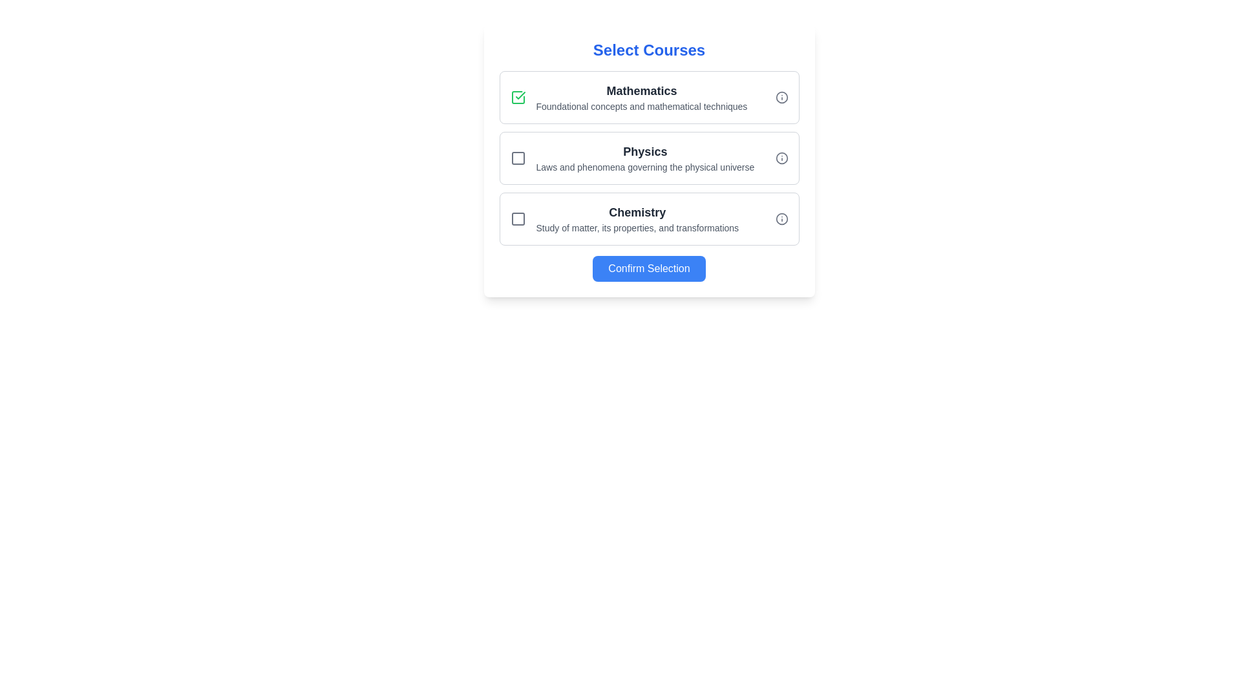 This screenshot has width=1241, height=698. What do you see at coordinates (781, 218) in the screenshot?
I see `the small circular icon with an 'i' symbol inside, located at the top-right corner of the 'Chemistry' course selection row` at bounding box center [781, 218].